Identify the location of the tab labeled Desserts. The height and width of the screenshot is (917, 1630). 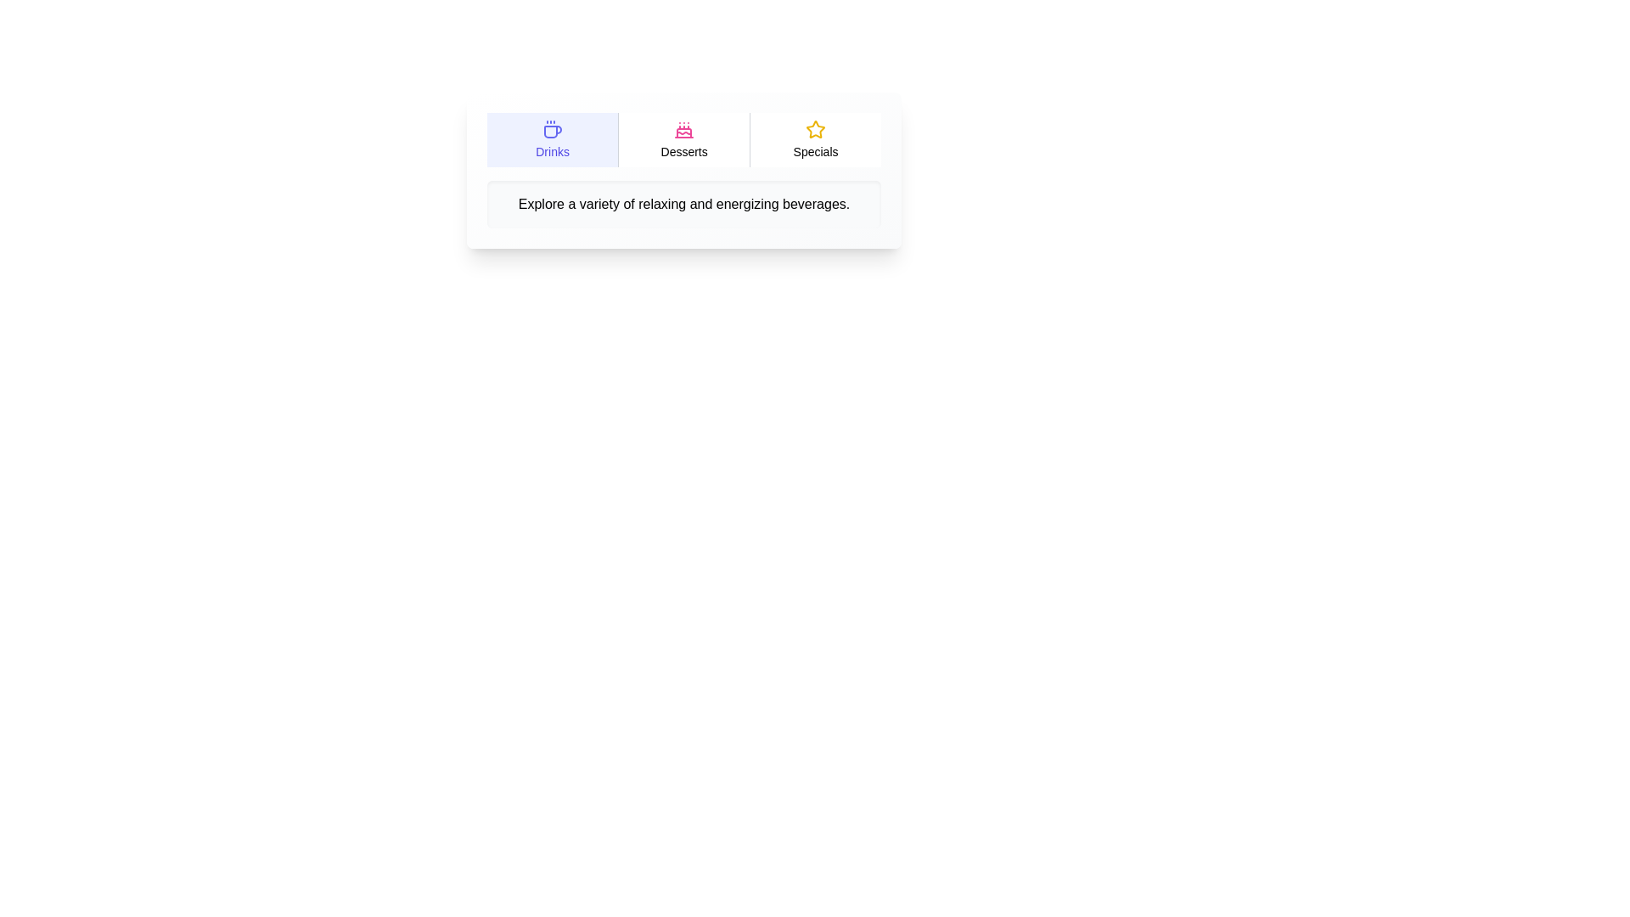
(684, 139).